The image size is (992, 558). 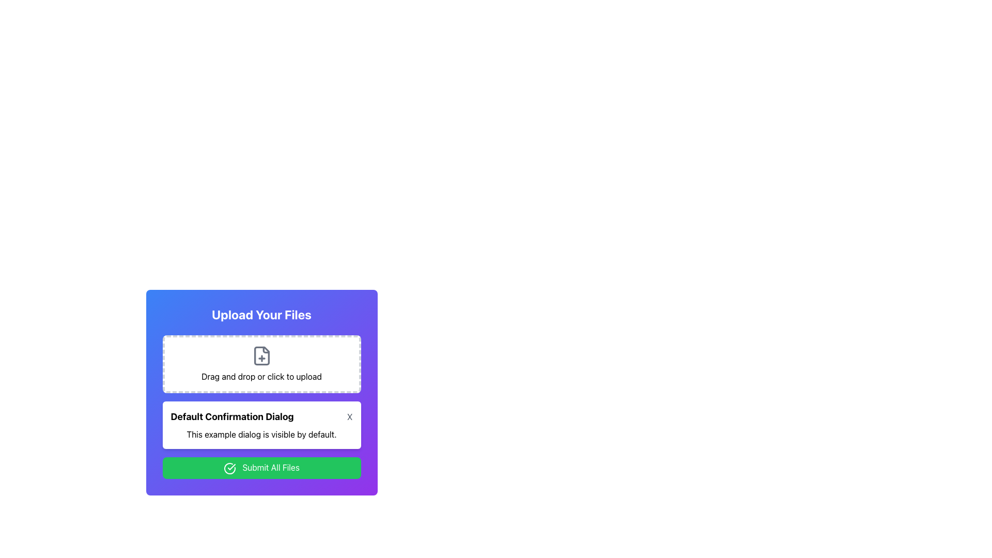 What do you see at coordinates (261, 364) in the screenshot?
I see `the interactive file upload area, which features a dashed border and a document icon with a plus sign` at bounding box center [261, 364].